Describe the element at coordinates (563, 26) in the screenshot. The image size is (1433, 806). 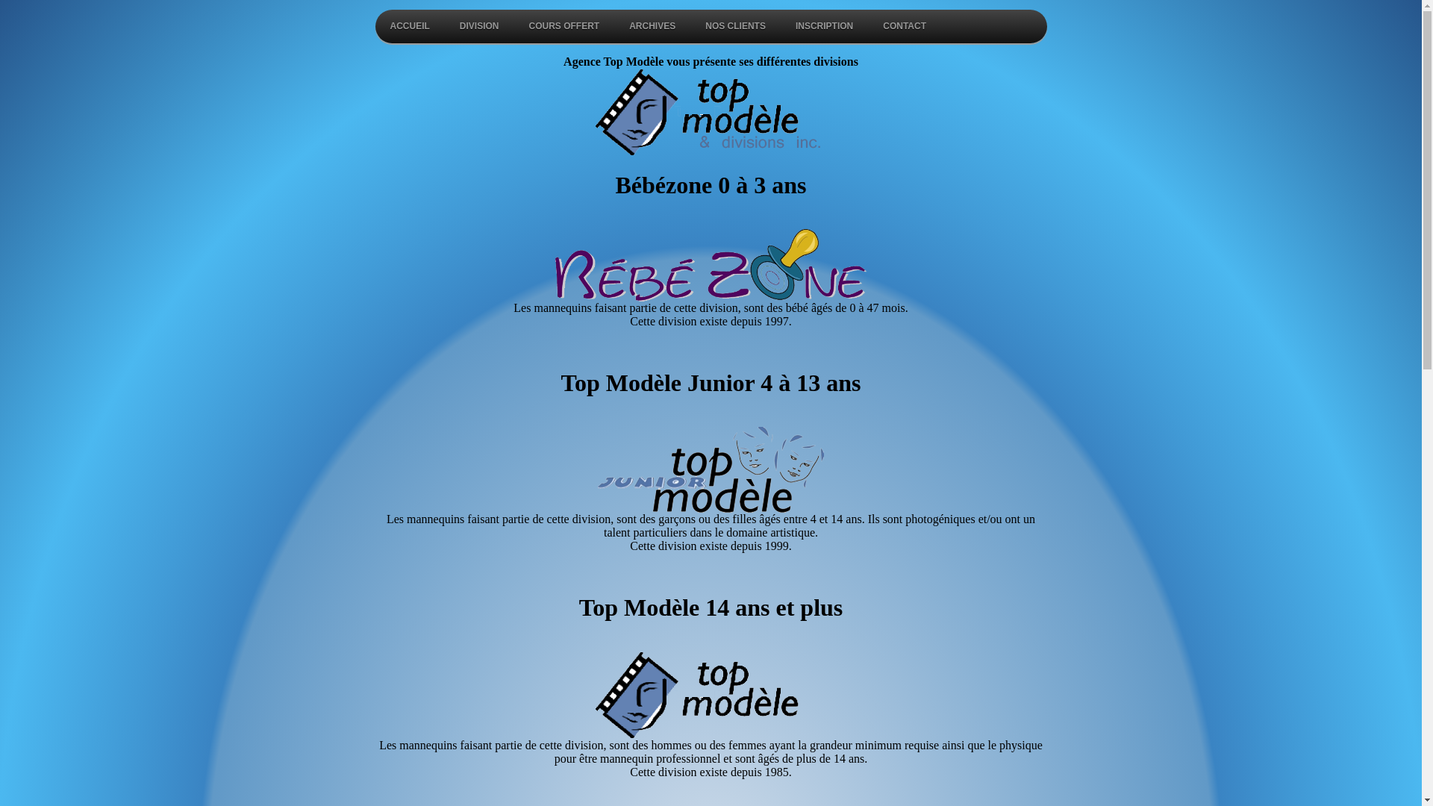
I see `'COURS OFFERT'` at that location.